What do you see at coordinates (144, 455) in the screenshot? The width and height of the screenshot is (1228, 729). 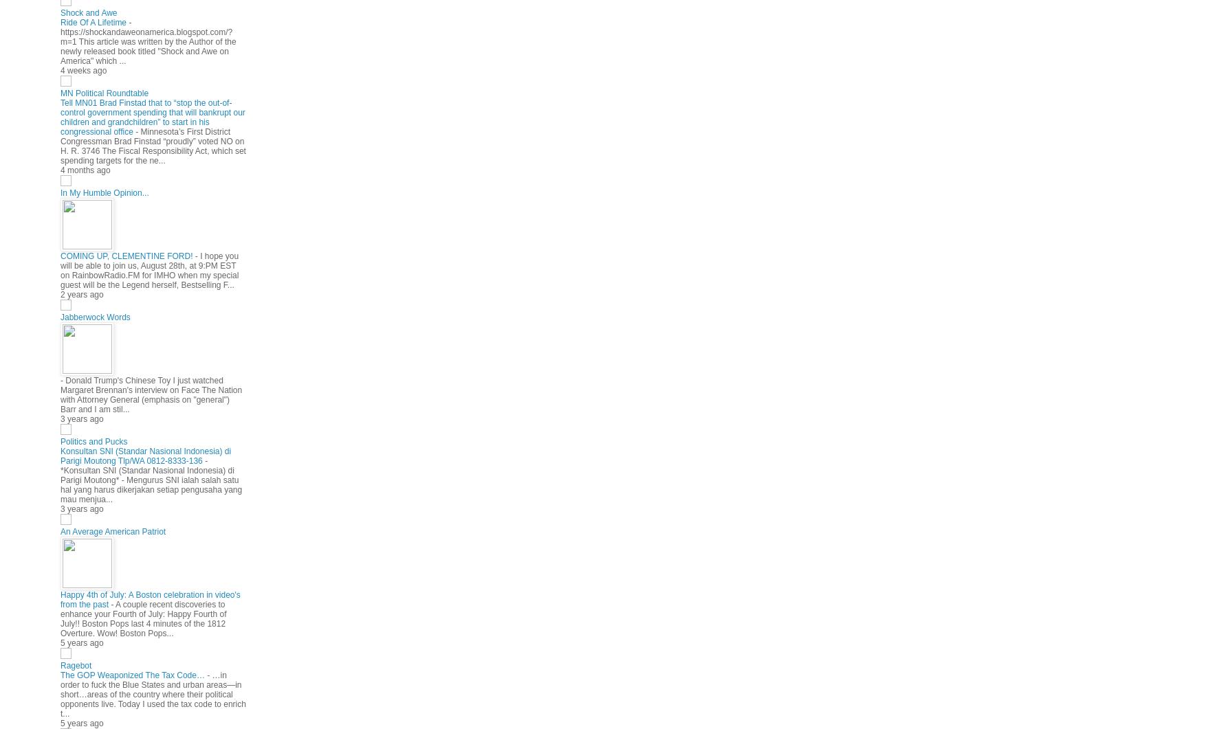 I see `'Konsultan SNI (Standar Nasional Indonesia) di Parigi Moutong Tlp/WA
0812-8333-136'` at bounding box center [144, 455].